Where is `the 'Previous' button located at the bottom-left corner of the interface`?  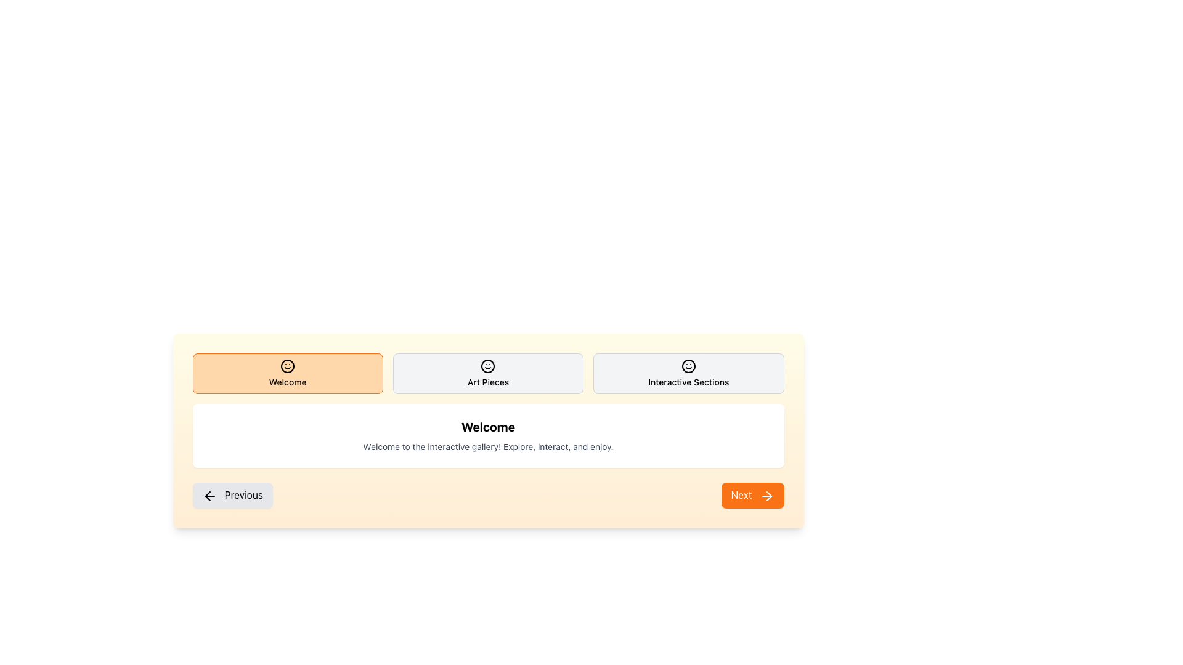 the 'Previous' button located at the bottom-left corner of the interface is located at coordinates (232, 494).